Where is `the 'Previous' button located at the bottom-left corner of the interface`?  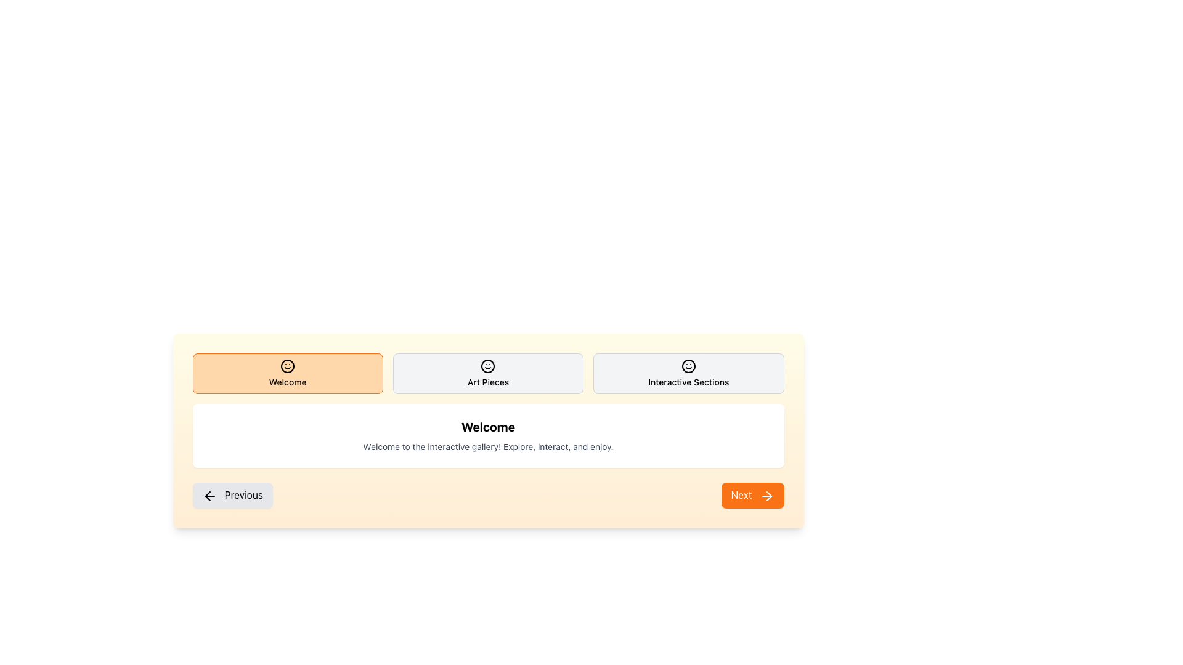 the 'Previous' button located at the bottom-left corner of the interface is located at coordinates (232, 494).